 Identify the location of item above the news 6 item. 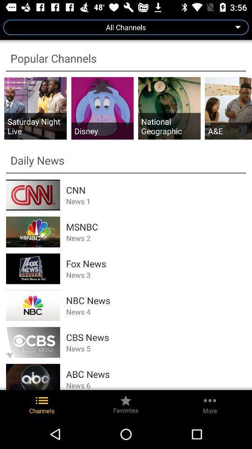
(156, 374).